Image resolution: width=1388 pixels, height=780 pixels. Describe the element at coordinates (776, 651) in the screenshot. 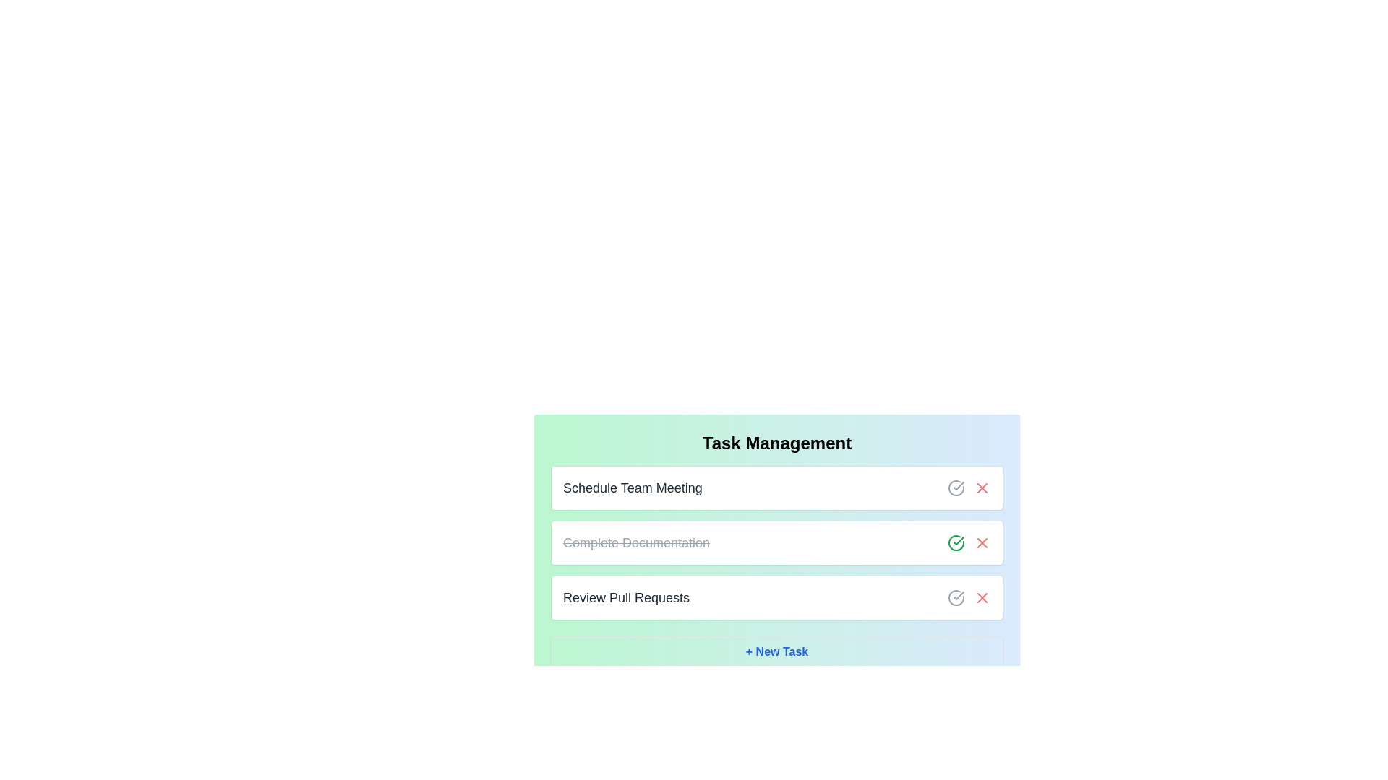

I see `the '+ New Task' button to initiate adding a new task` at that location.